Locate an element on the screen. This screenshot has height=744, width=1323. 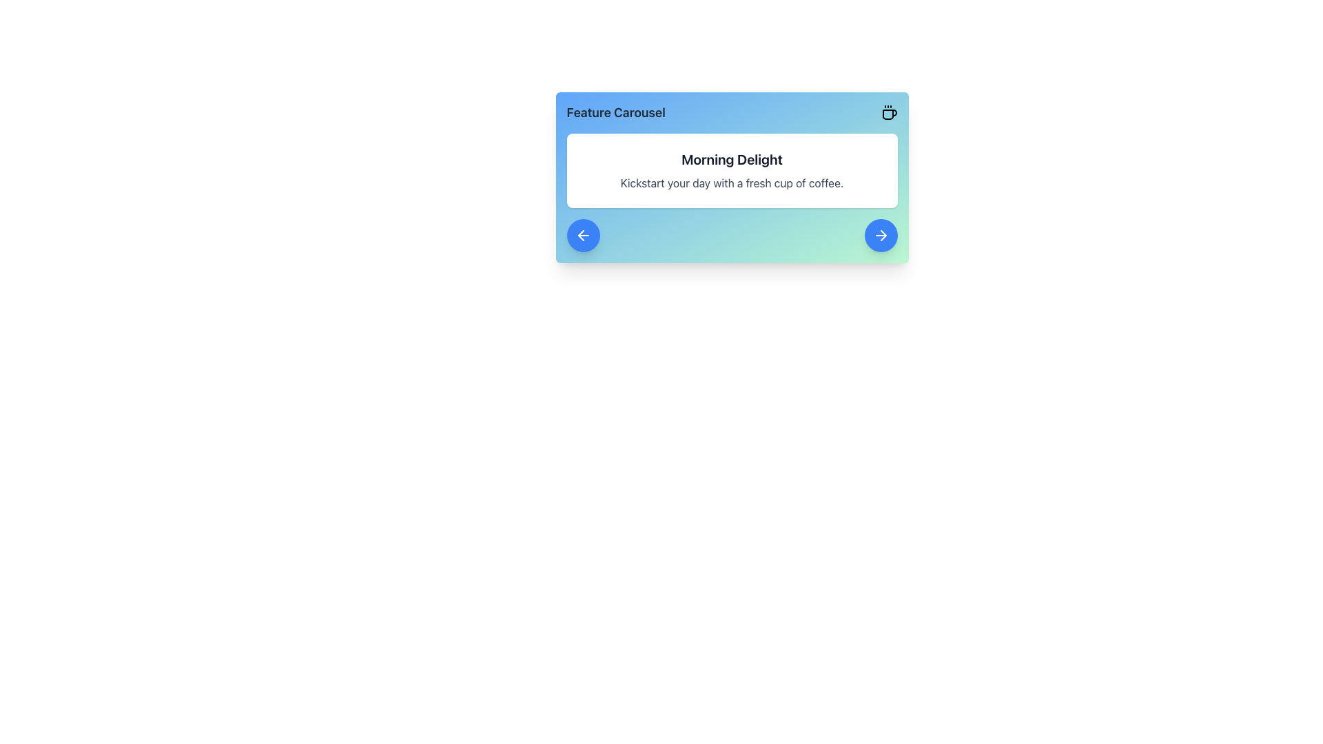
displayed text on the 'Morning Delight' informational card, which contains a large, bold title and a smaller subtitle, located within the 'Feature Carousel' is located at coordinates (731, 169).